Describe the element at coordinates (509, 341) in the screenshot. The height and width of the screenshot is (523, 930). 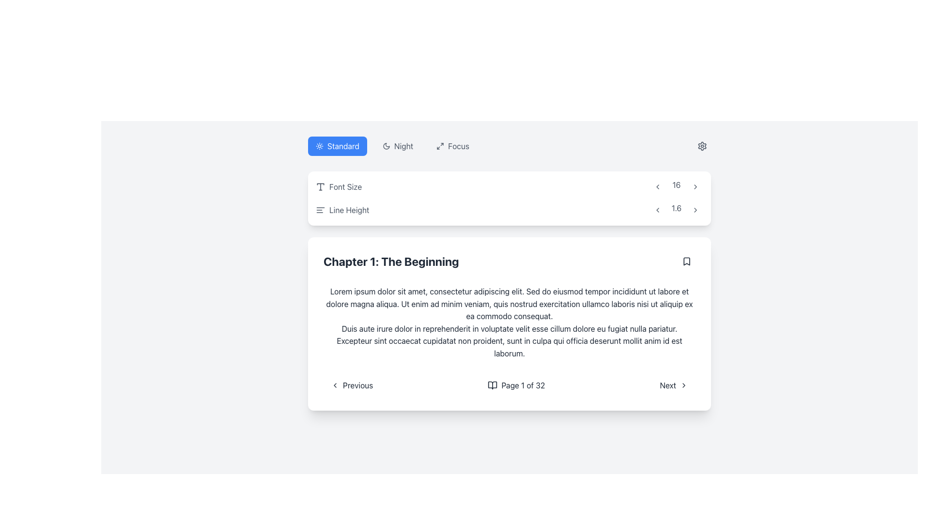
I see `the paragraph text that contains the sentence about 'Duis aute irure dolor in reprehenderit in voluptate velit esse cillum dolore eu fugiat nulla pariatur.' located below the heading 'Chapter 1: The Beginning.'` at that location.